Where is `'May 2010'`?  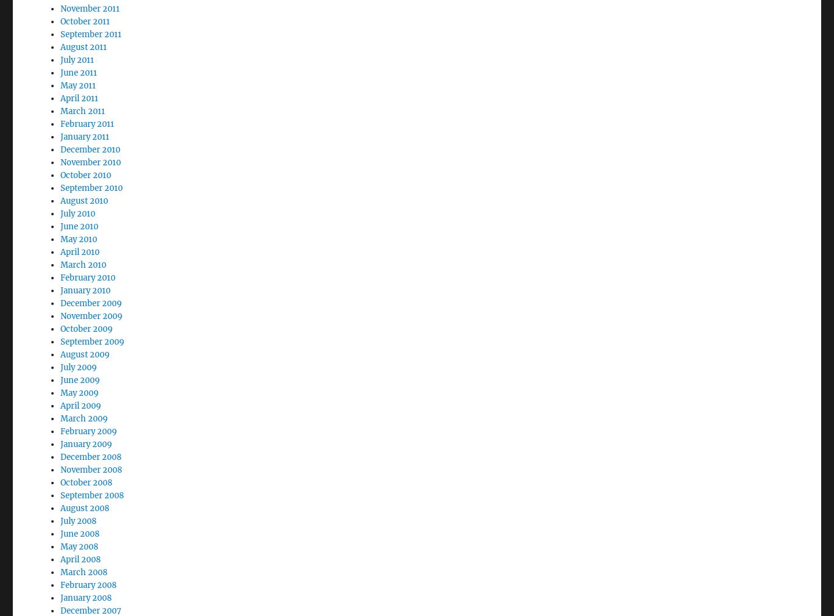
'May 2010' is located at coordinates (78, 206).